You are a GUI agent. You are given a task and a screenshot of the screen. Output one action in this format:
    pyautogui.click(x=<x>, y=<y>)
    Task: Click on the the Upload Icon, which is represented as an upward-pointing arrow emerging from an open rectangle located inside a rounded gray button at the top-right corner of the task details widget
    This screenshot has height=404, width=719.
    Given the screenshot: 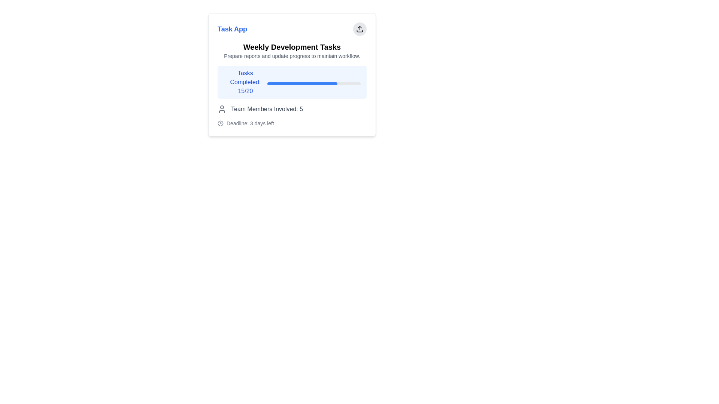 What is the action you would take?
    pyautogui.click(x=359, y=28)
    